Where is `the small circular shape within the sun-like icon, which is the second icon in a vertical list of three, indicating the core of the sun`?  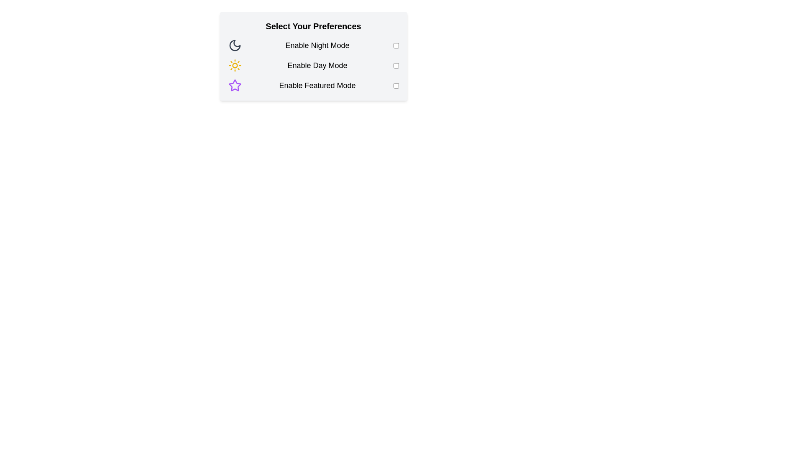
the small circular shape within the sun-like icon, which is the second icon in a vertical list of three, indicating the core of the sun is located at coordinates (234, 65).